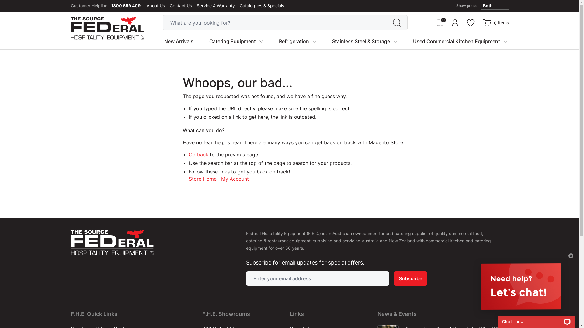 This screenshot has width=584, height=328. What do you see at coordinates (410, 278) in the screenshot?
I see `'Subscribe'` at bounding box center [410, 278].